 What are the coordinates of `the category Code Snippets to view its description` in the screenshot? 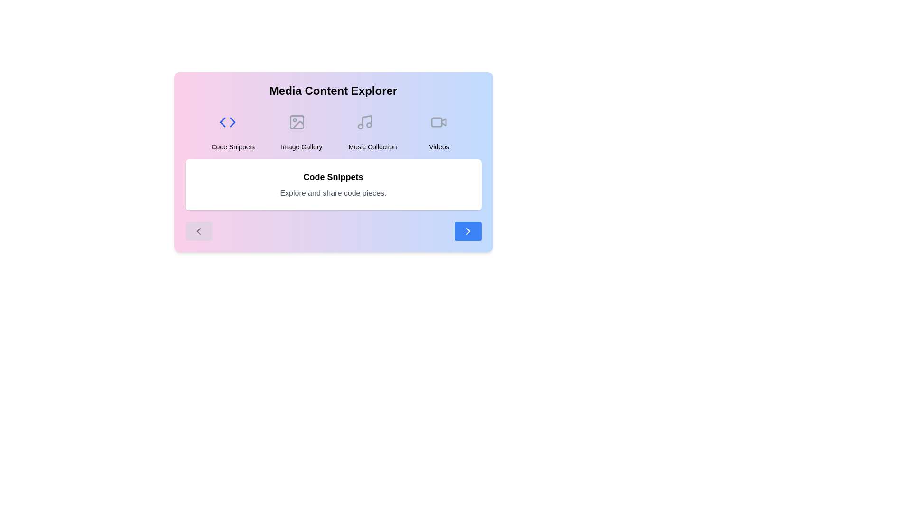 It's located at (233, 129).